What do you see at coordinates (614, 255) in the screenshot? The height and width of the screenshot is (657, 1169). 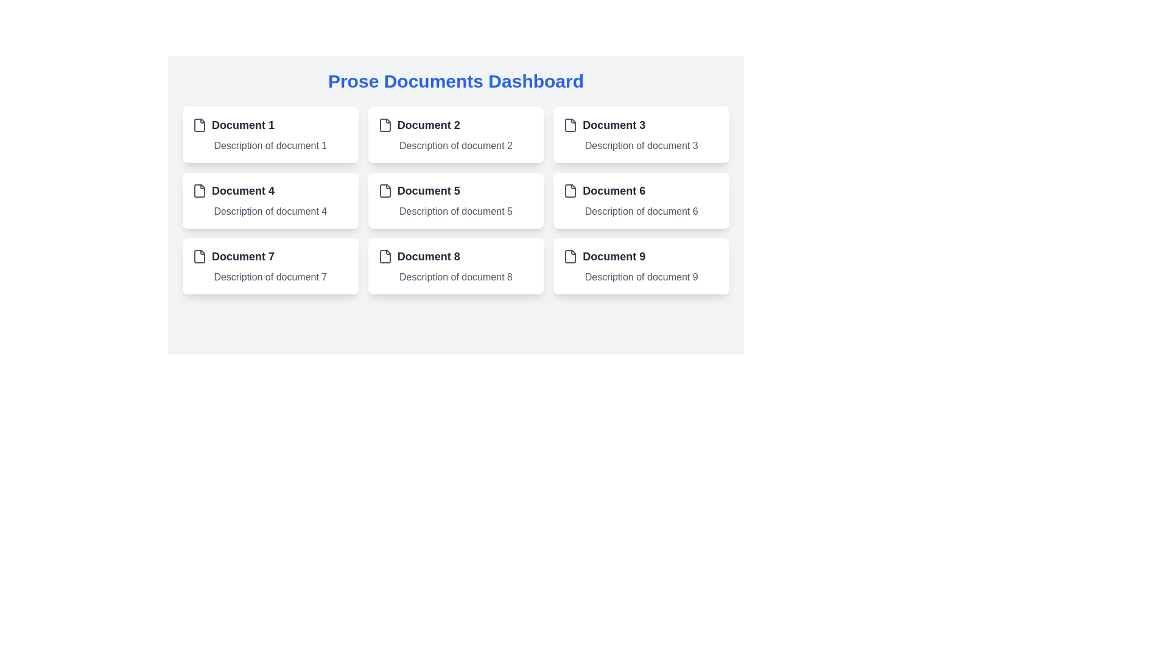 I see `the text label displaying 'Document 9', which is styled in bold and dark gray, located in the last card of a 3x3 grid layout at the bottom-right corner` at bounding box center [614, 255].